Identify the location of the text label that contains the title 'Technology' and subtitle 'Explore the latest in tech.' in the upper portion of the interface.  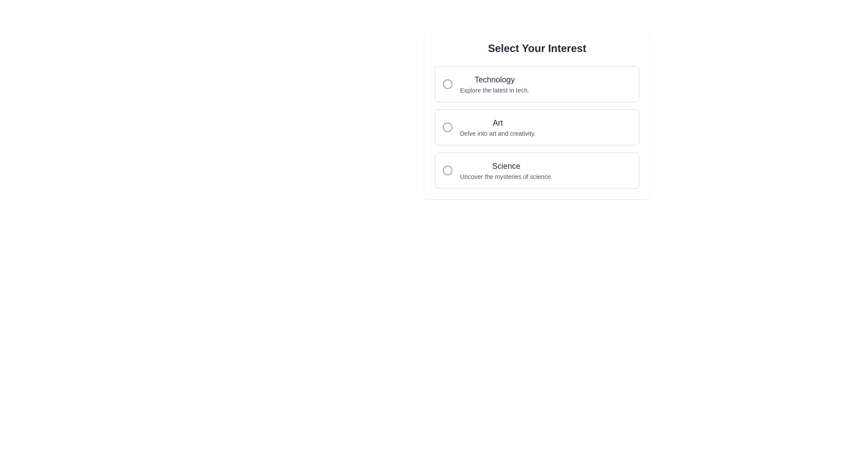
(494, 84).